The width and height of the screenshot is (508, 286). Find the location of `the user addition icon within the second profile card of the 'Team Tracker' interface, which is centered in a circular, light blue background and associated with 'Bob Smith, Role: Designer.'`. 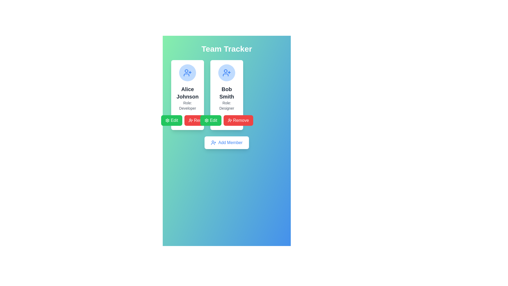

the user addition icon within the second profile card of the 'Team Tracker' interface, which is centered in a circular, light blue background and associated with 'Bob Smith, Role: Designer.' is located at coordinates (188, 73).